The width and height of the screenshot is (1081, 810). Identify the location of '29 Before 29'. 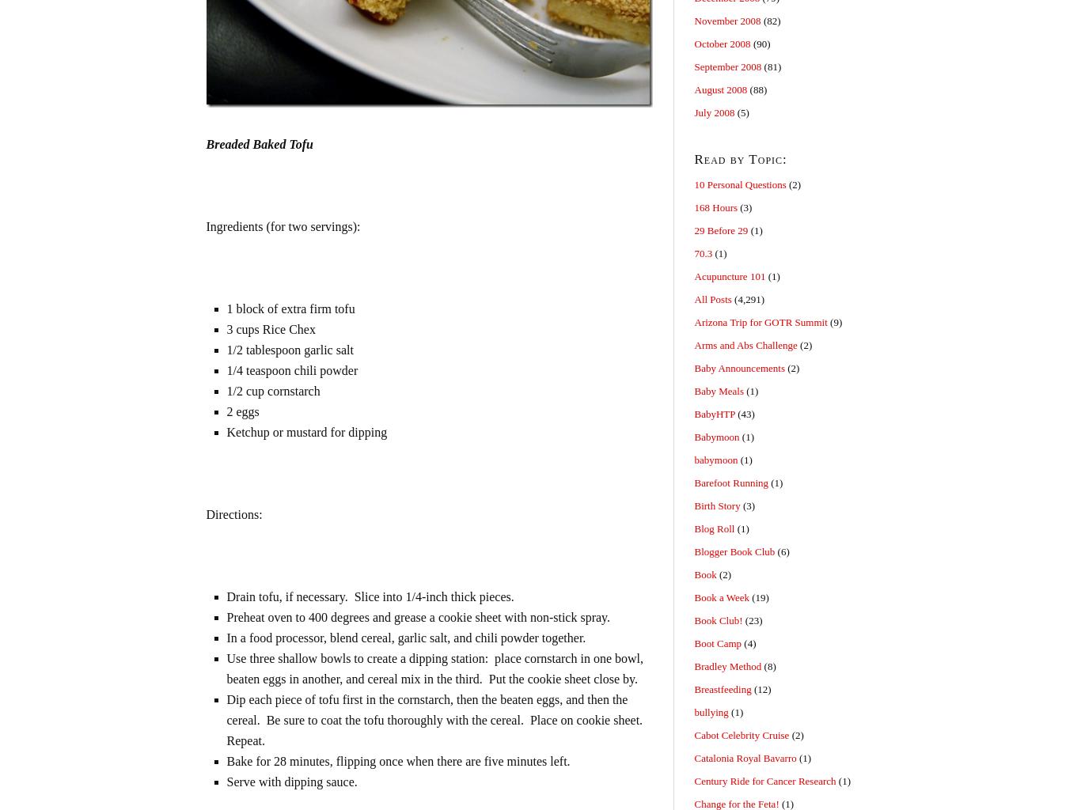
(719, 230).